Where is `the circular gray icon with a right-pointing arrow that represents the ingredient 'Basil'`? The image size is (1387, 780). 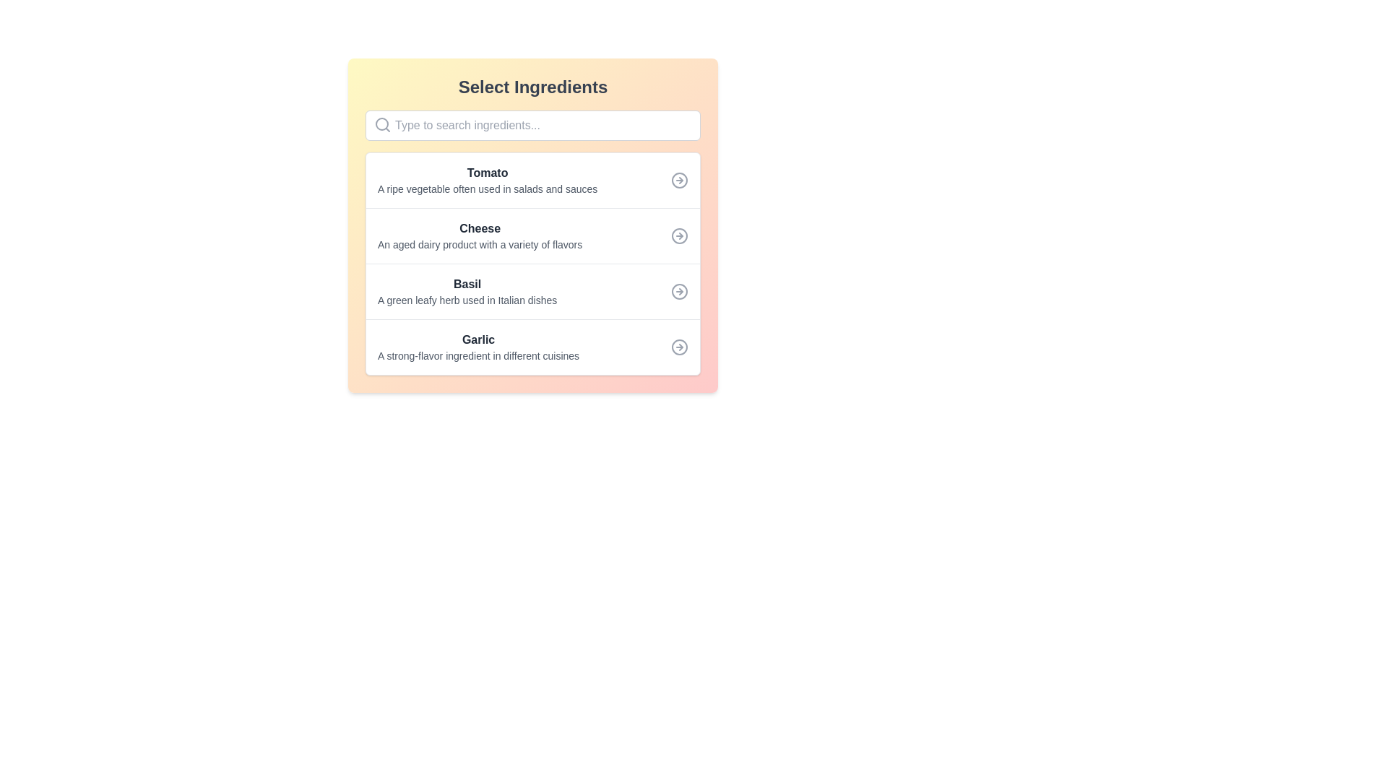 the circular gray icon with a right-pointing arrow that represents the ingredient 'Basil' is located at coordinates (678, 292).